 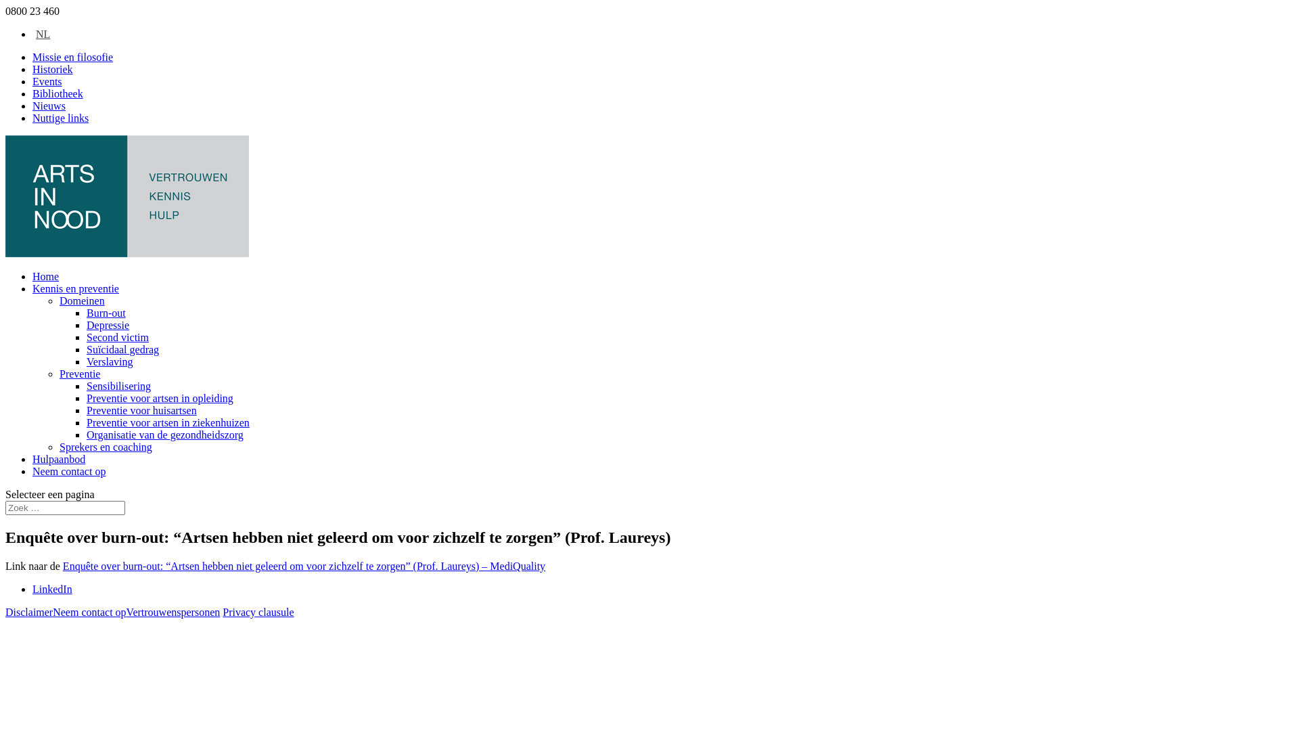 What do you see at coordinates (106, 313) in the screenshot?
I see `'Burn-out'` at bounding box center [106, 313].